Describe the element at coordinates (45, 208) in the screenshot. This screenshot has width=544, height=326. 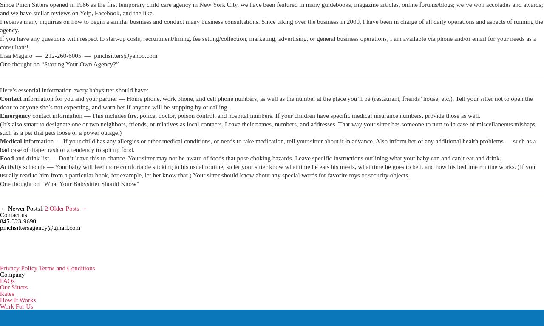
I see `'2'` at that location.